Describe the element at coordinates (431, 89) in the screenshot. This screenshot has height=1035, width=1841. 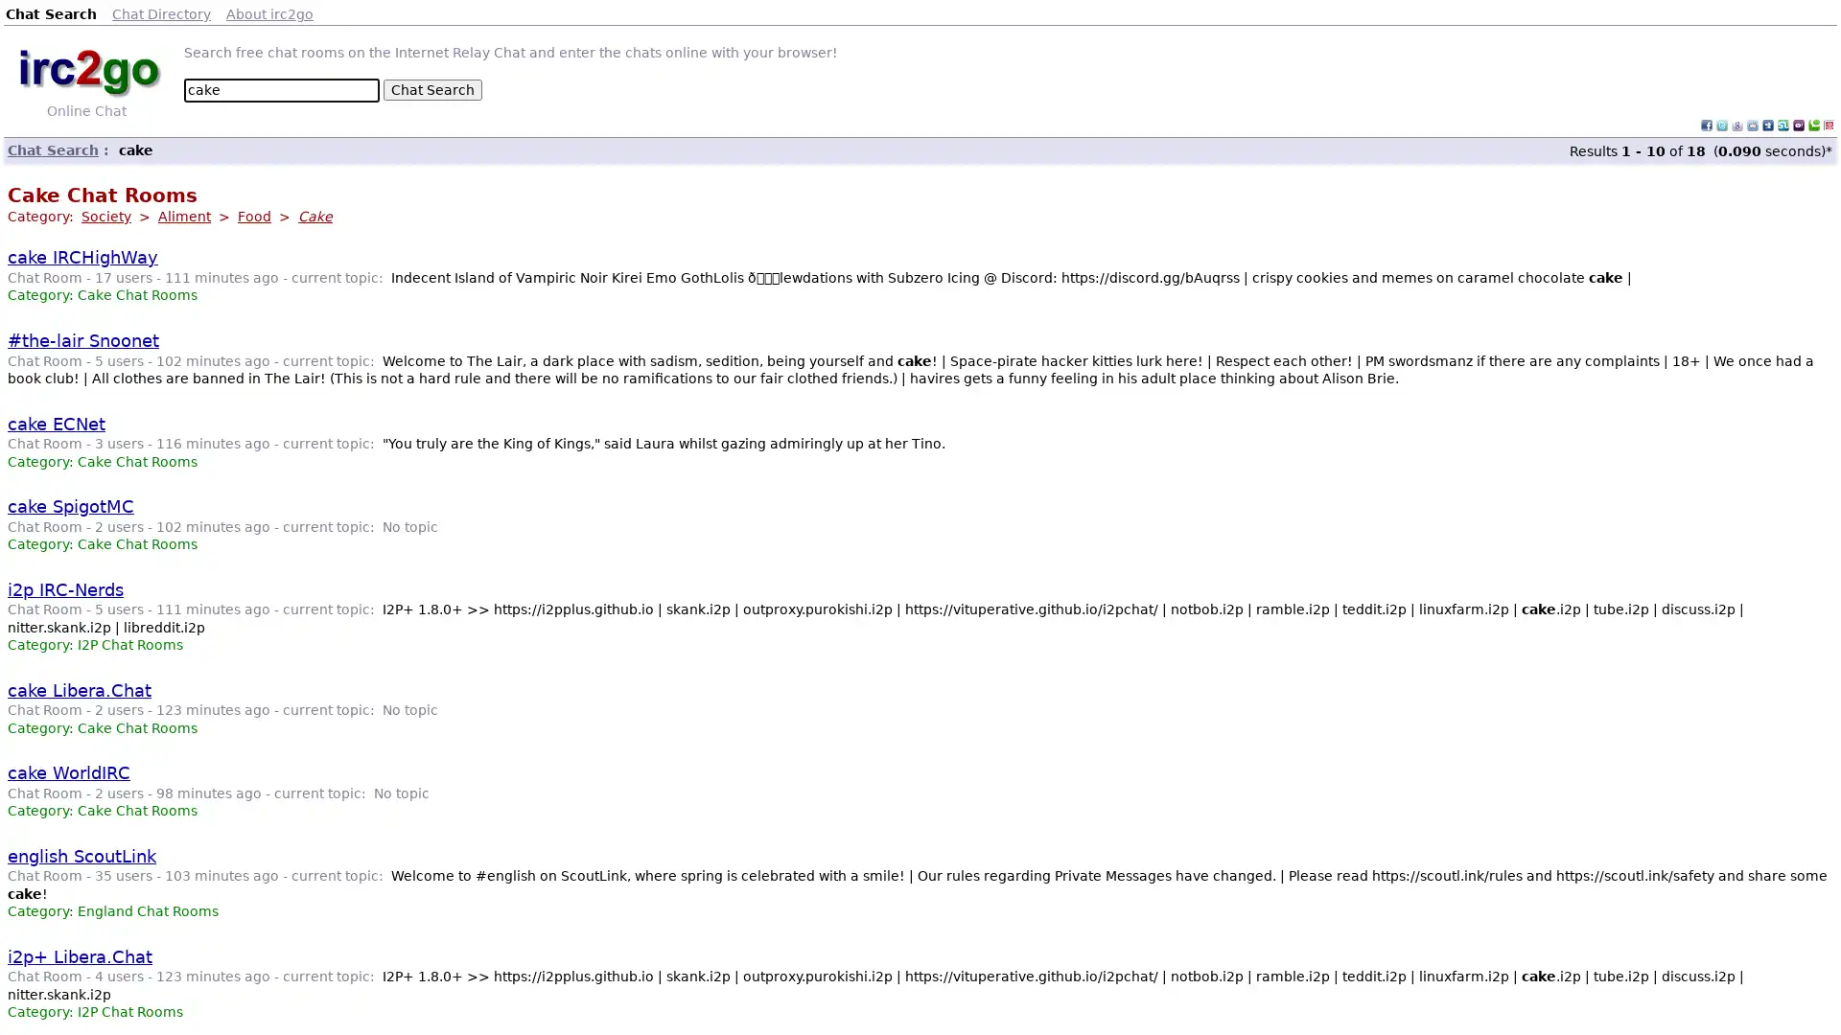
I see `Chat Search` at that location.